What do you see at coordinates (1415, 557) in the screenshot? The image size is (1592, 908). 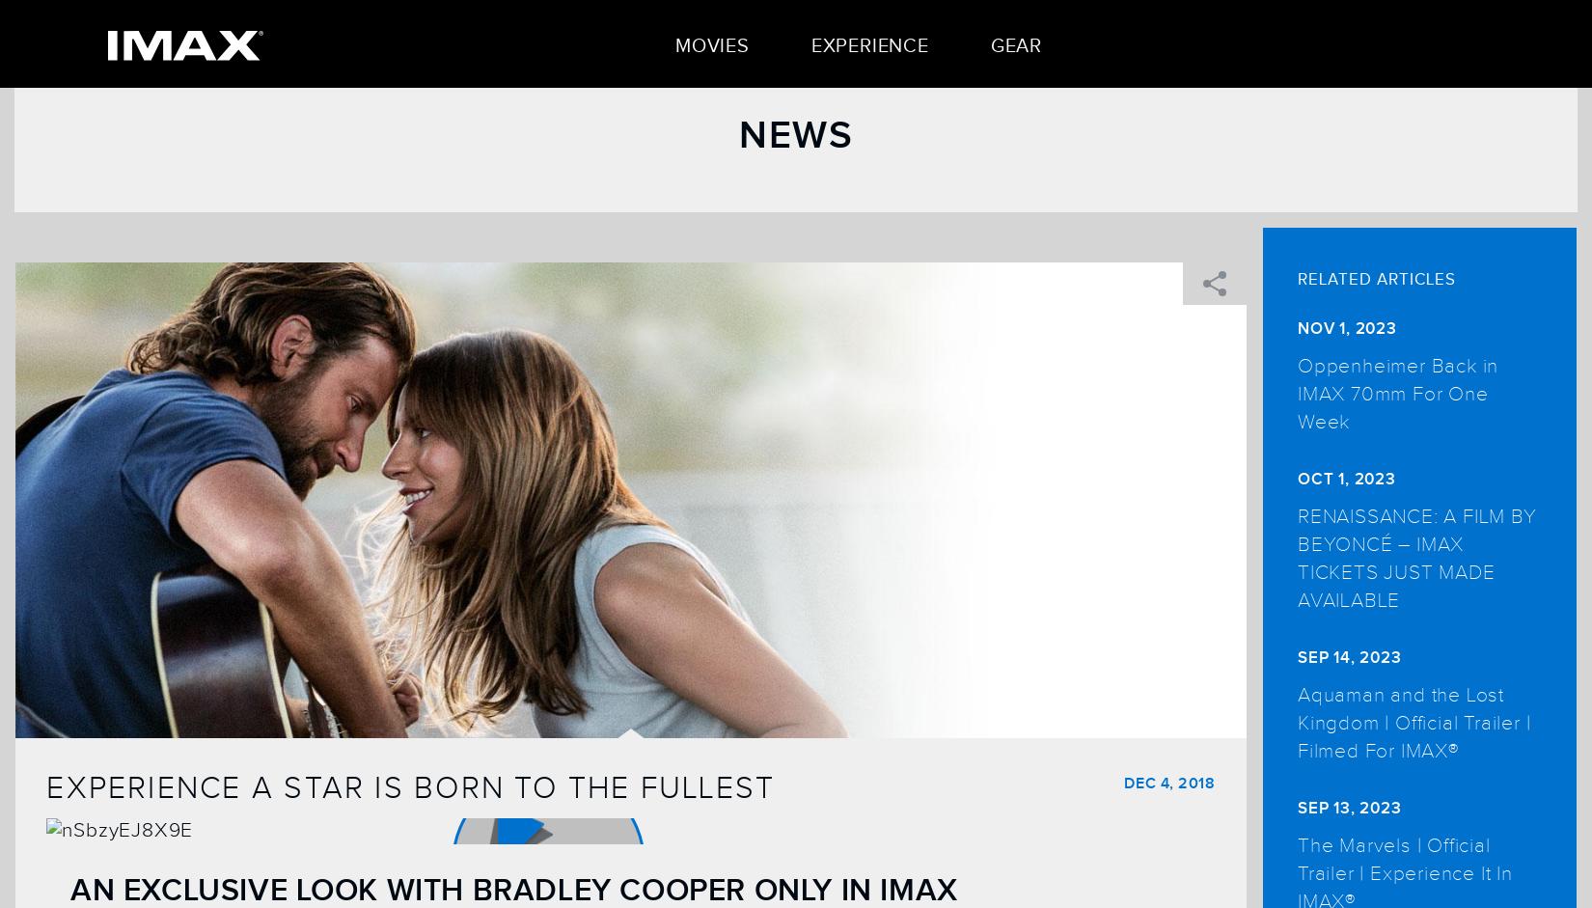 I see `'RENAISSANCE: A FILM BY BEYONCÉ – IMAX TICKETS JUST MADE AVAILABLE'` at bounding box center [1415, 557].